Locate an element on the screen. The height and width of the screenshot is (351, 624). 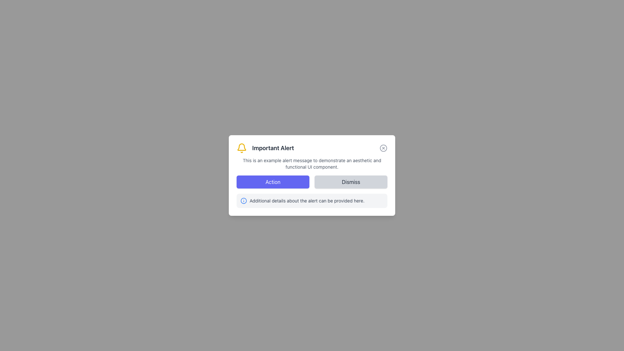
the circular button with a gray border and a gray 'X' icon located in the top-right corner of the 'Important Alert' dialog box is located at coordinates (383, 148).